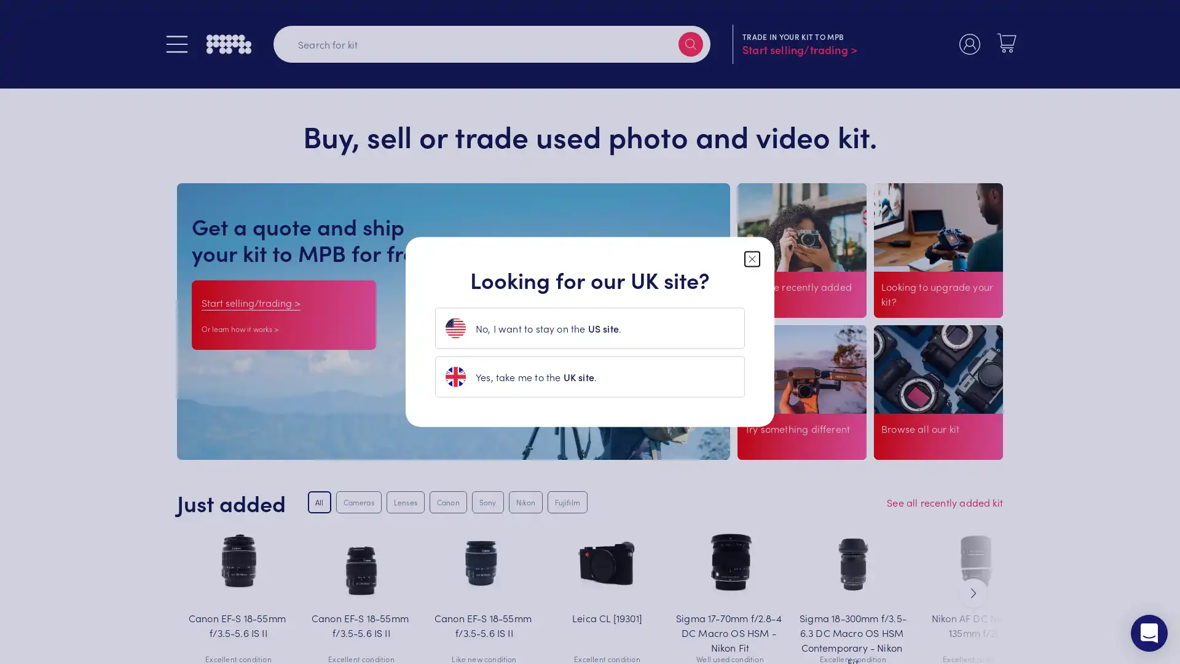  What do you see at coordinates (250, 302) in the screenshot?
I see `Start selling/trading >` at bounding box center [250, 302].